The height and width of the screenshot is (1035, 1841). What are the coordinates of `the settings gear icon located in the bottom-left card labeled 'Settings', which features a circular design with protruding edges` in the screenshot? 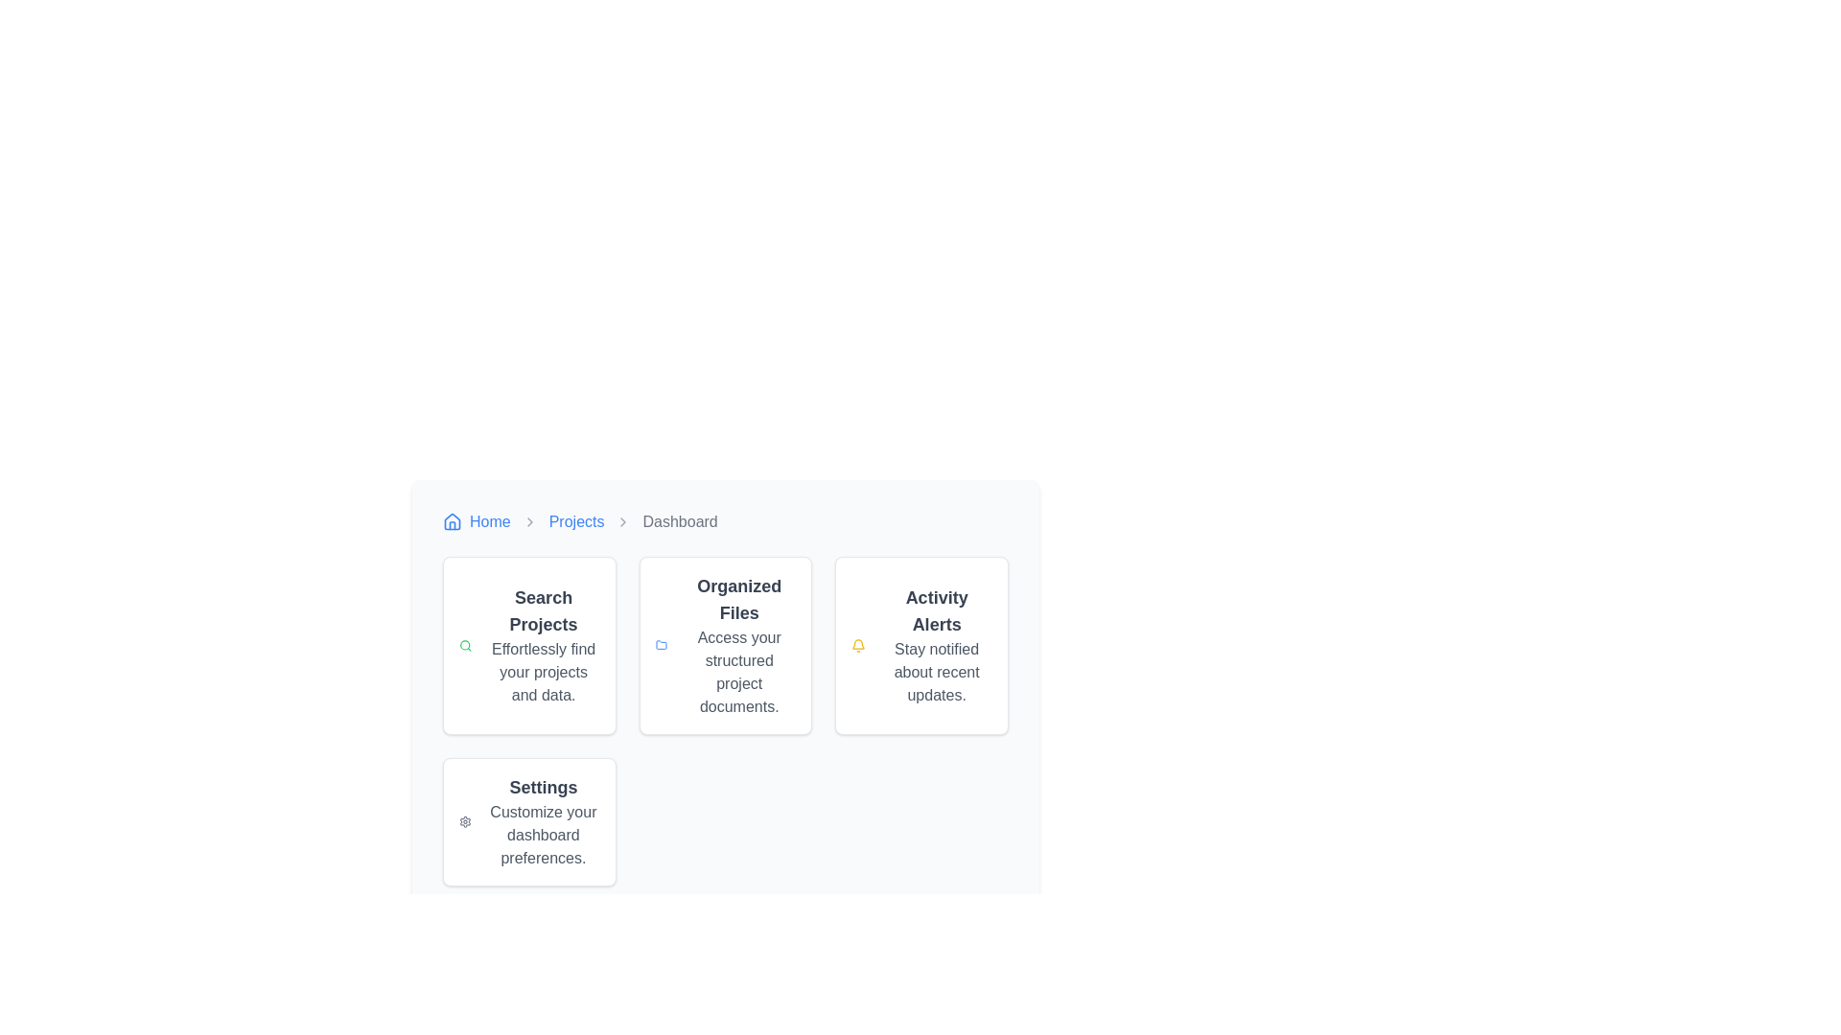 It's located at (465, 820).